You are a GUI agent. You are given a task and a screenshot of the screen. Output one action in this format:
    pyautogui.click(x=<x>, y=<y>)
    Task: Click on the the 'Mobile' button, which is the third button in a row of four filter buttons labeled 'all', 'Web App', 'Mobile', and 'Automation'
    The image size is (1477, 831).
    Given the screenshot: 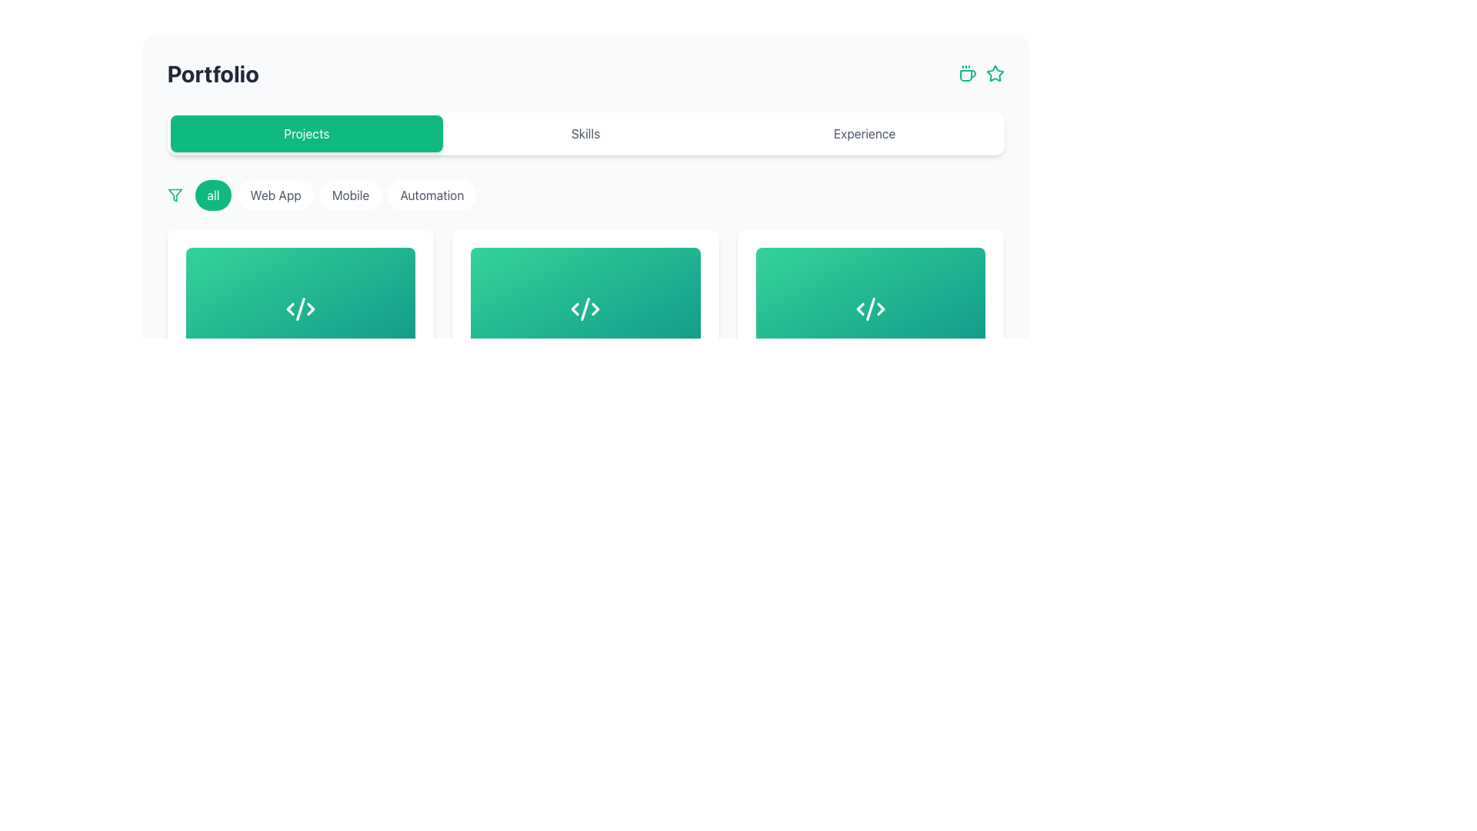 What is the action you would take?
    pyautogui.click(x=335, y=195)
    